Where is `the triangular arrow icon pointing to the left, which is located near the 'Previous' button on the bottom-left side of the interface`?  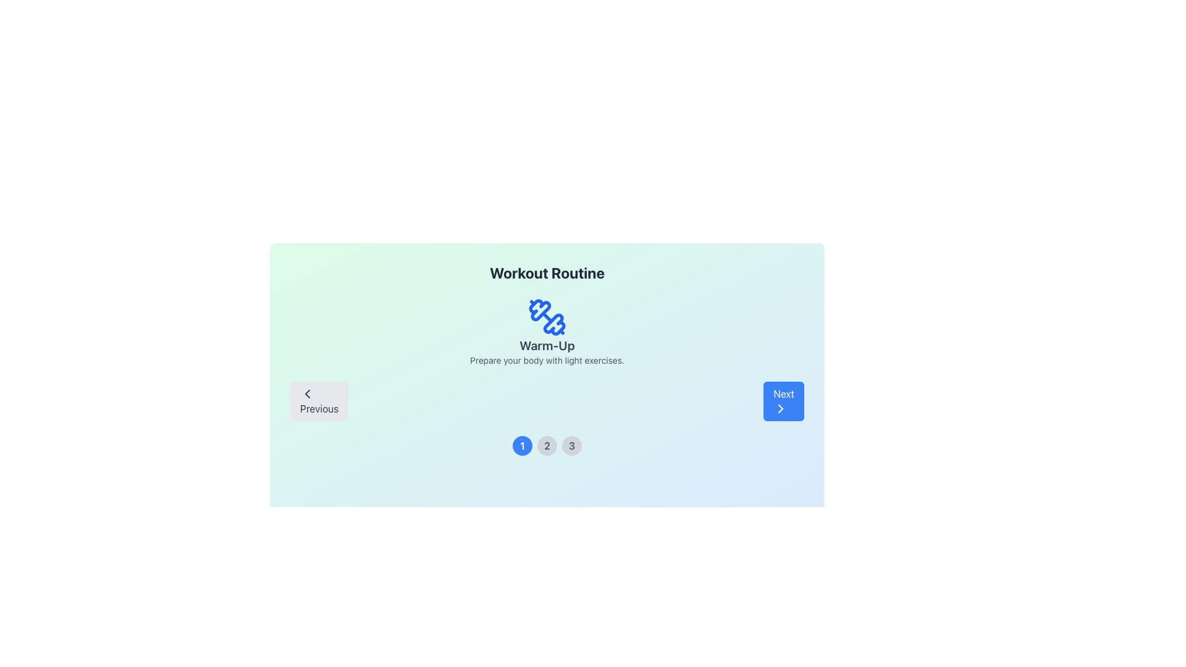
the triangular arrow icon pointing to the left, which is located near the 'Previous' button on the bottom-left side of the interface is located at coordinates (308, 393).